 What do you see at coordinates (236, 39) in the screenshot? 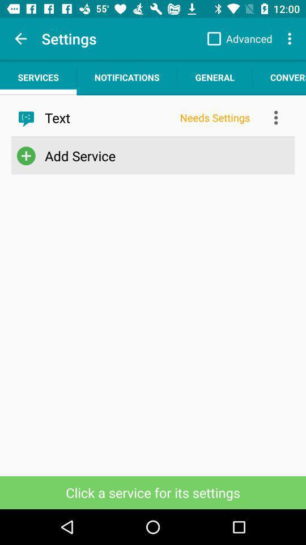
I see `app above the general` at bounding box center [236, 39].